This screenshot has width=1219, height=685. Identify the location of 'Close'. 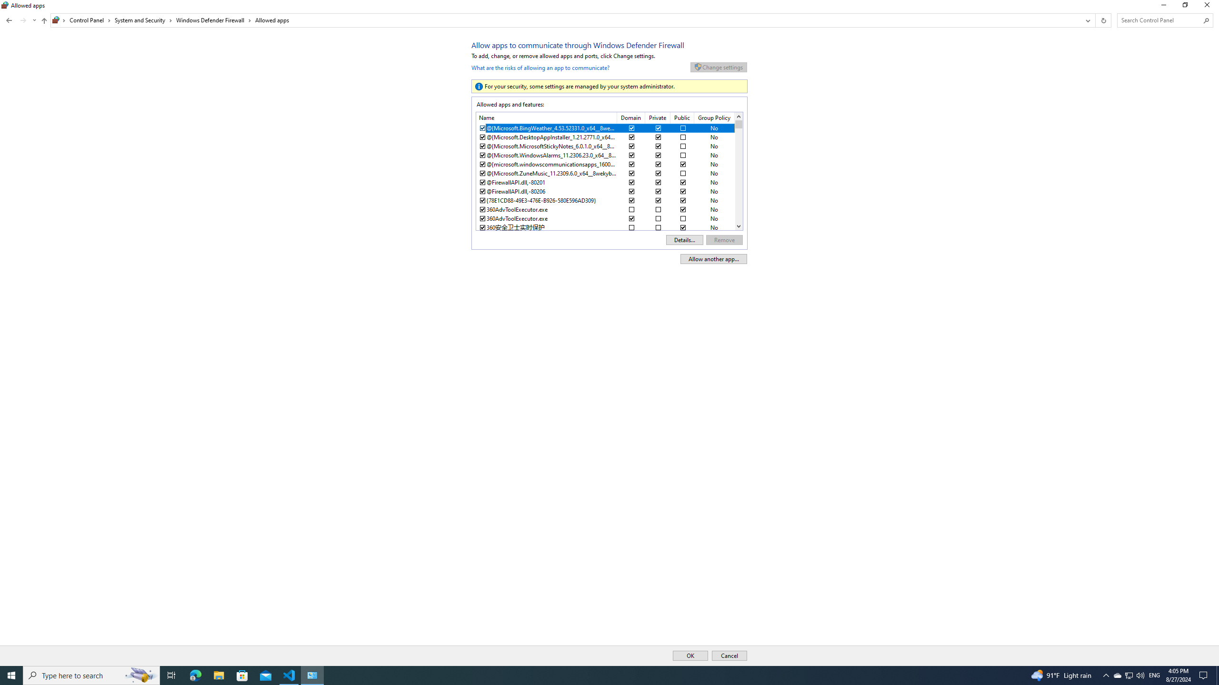
(1209, 7).